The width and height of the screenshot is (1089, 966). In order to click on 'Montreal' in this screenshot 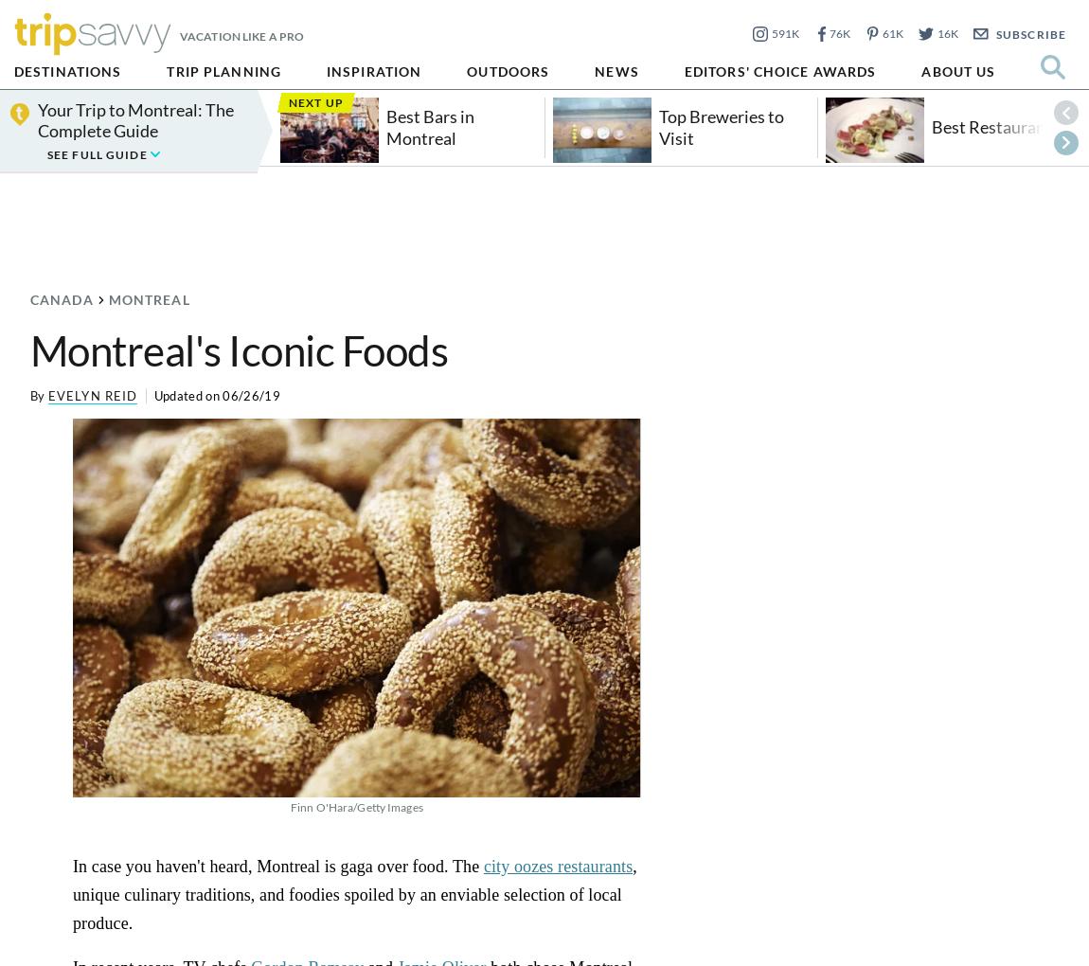, I will do `click(147, 299)`.